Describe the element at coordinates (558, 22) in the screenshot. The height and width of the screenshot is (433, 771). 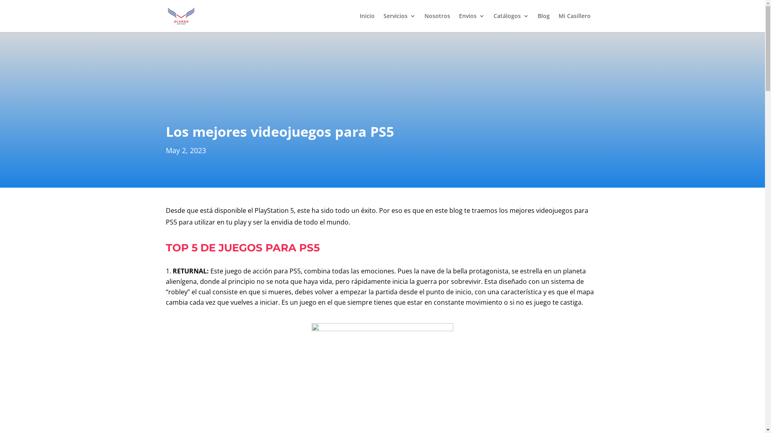
I see `'Mi Casillero'` at that location.